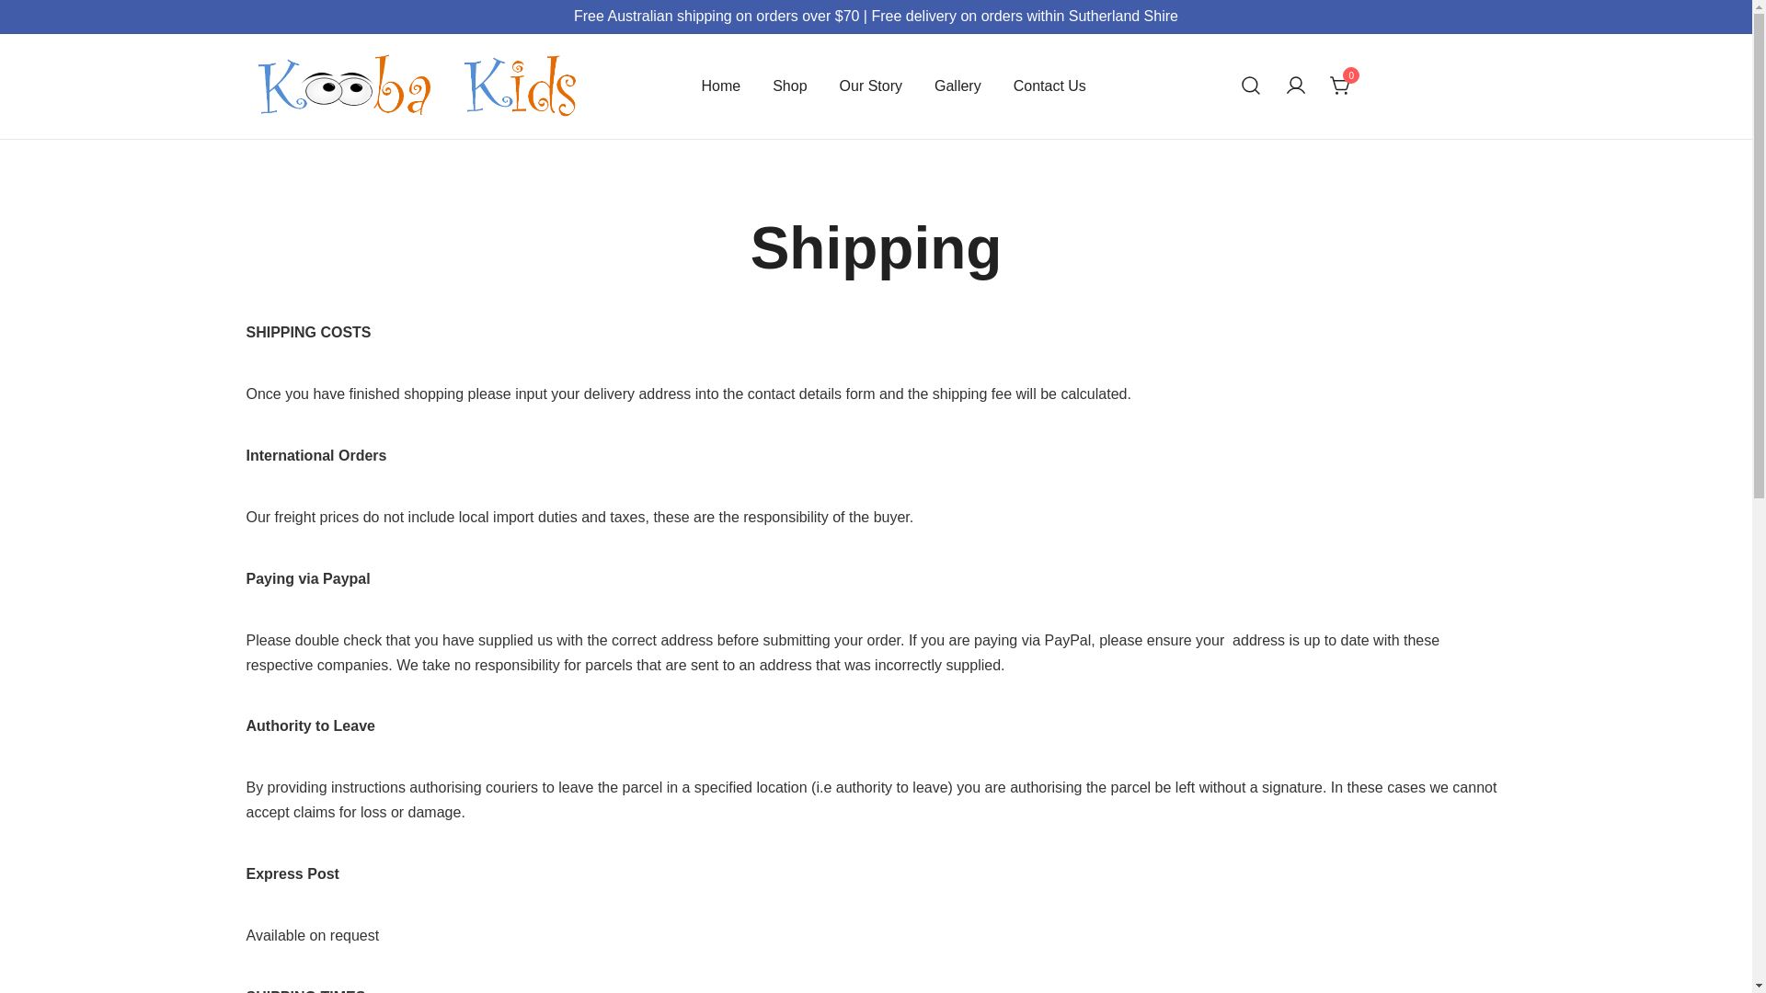  Describe the element at coordinates (297, 158) in the screenshot. I see `'Kooba Kids'` at that location.